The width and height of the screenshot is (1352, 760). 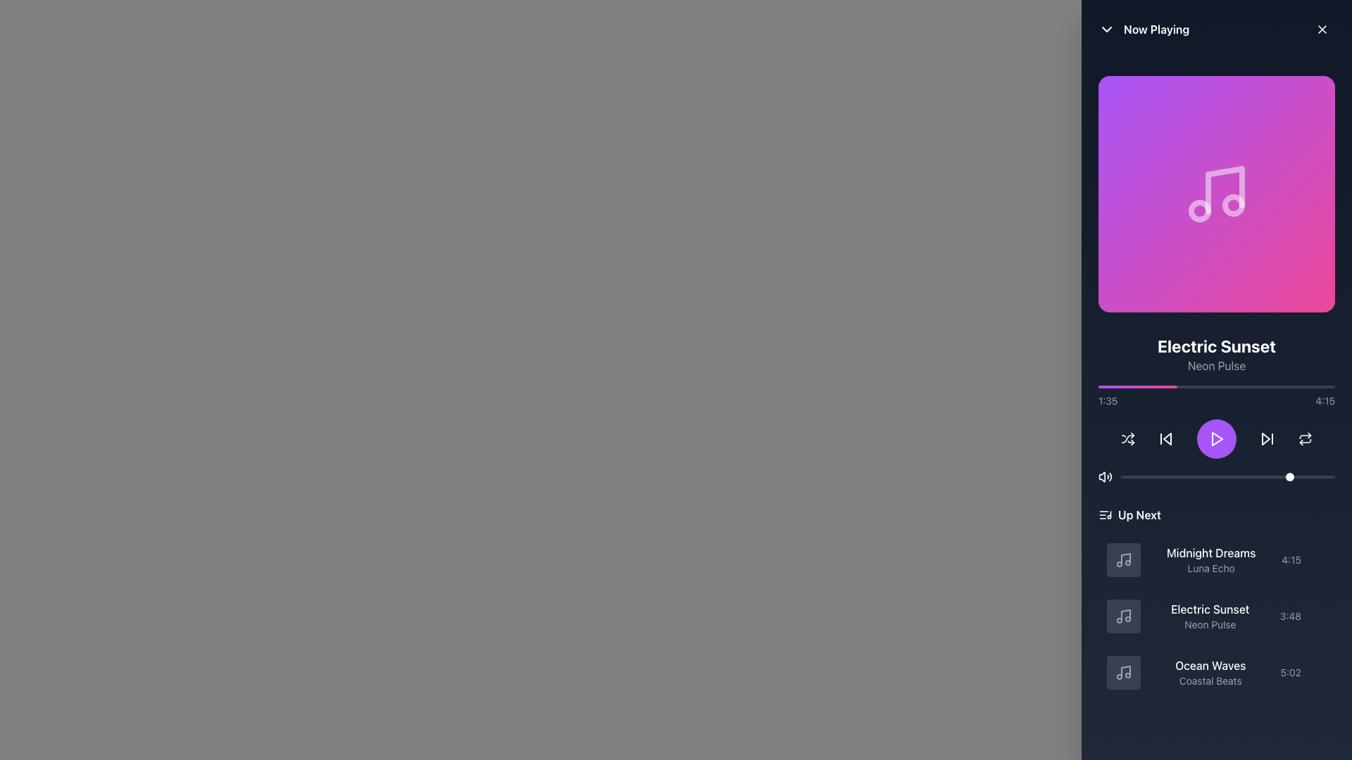 I want to click on on the second 'Up Next' entry in the upcoming playlist section, which displays the title 'Electric Sunset', so click(x=1216, y=602).